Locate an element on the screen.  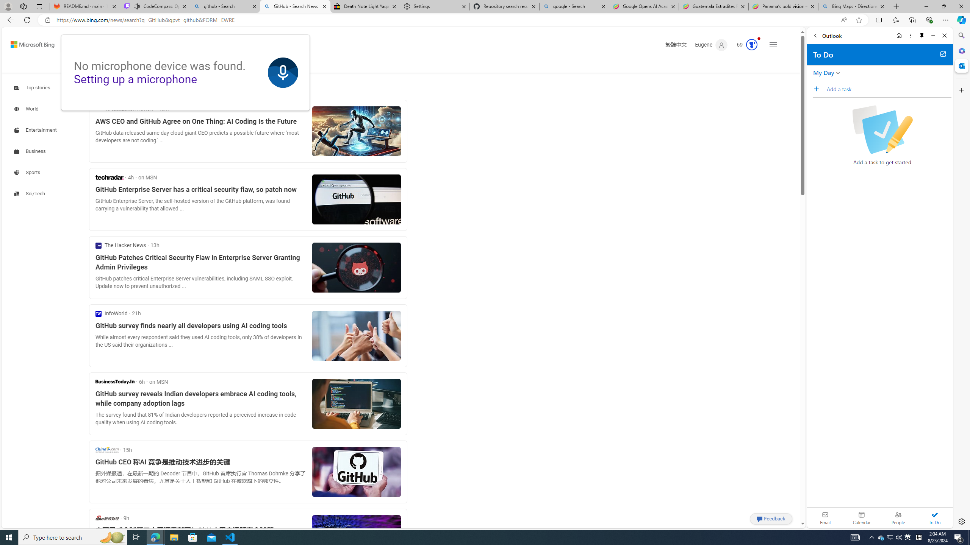
'Home' is located at coordinates (898, 35).